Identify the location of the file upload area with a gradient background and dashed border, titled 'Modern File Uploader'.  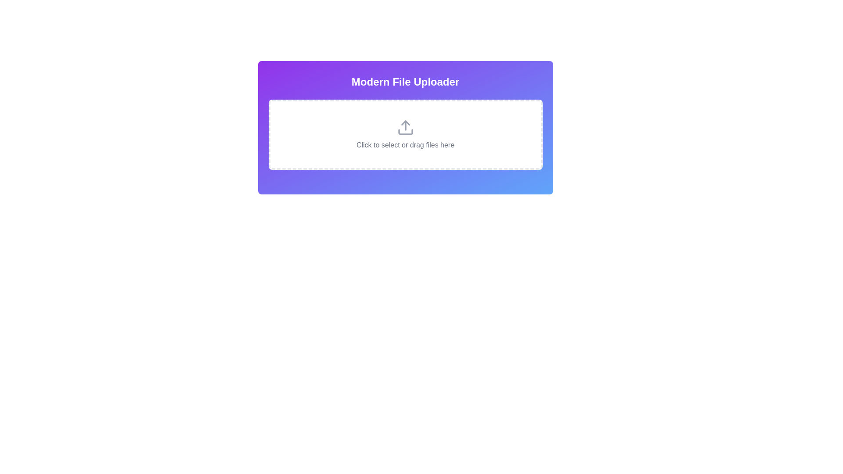
(405, 127).